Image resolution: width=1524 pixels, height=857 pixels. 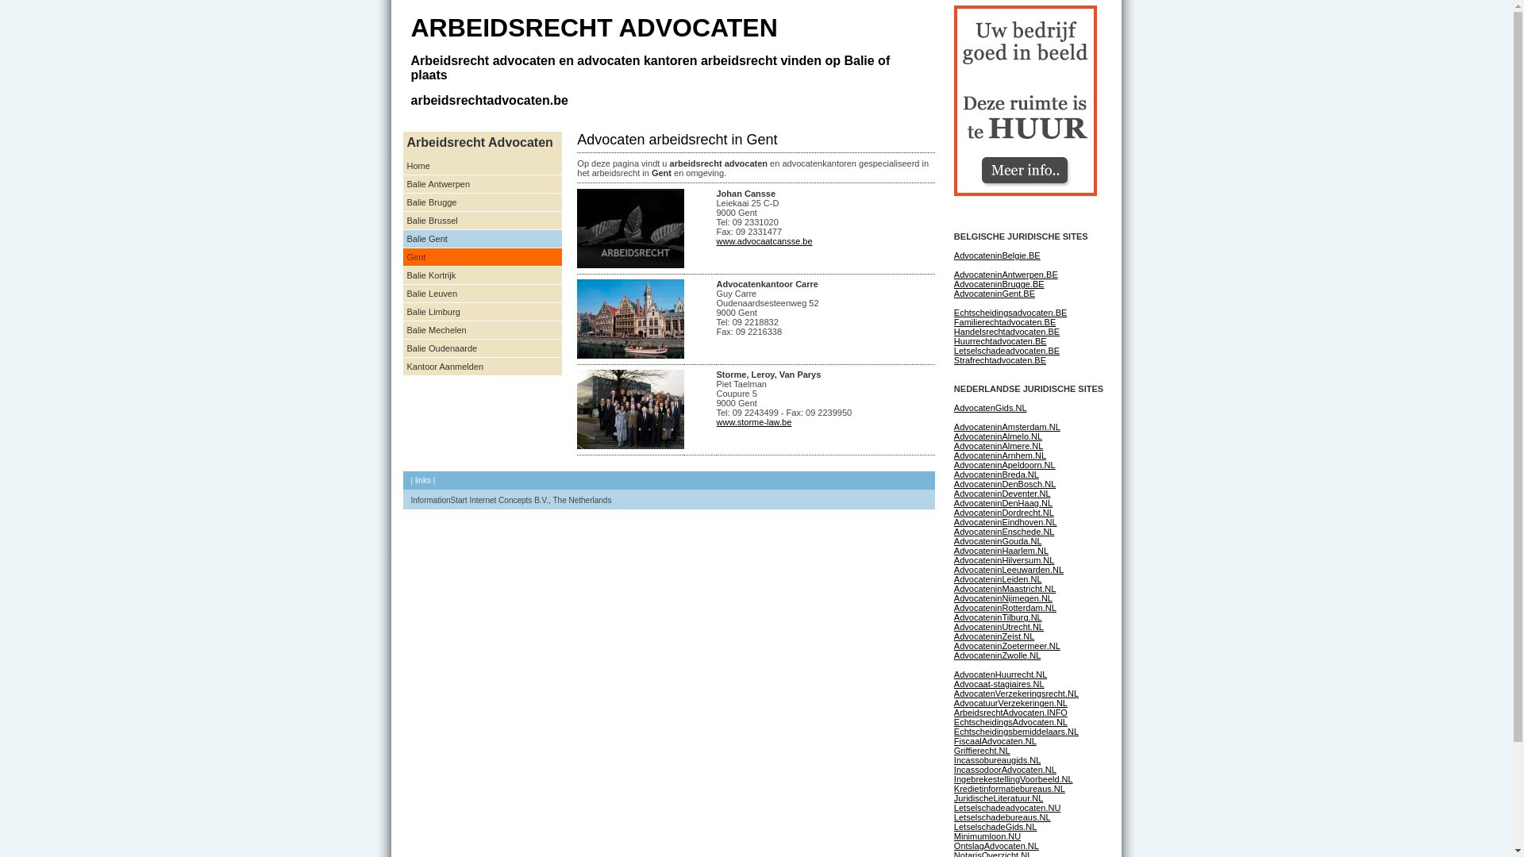 What do you see at coordinates (1003, 532) in the screenshot?
I see `'AdvocateninEnschede.NL'` at bounding box center [1003, 532].